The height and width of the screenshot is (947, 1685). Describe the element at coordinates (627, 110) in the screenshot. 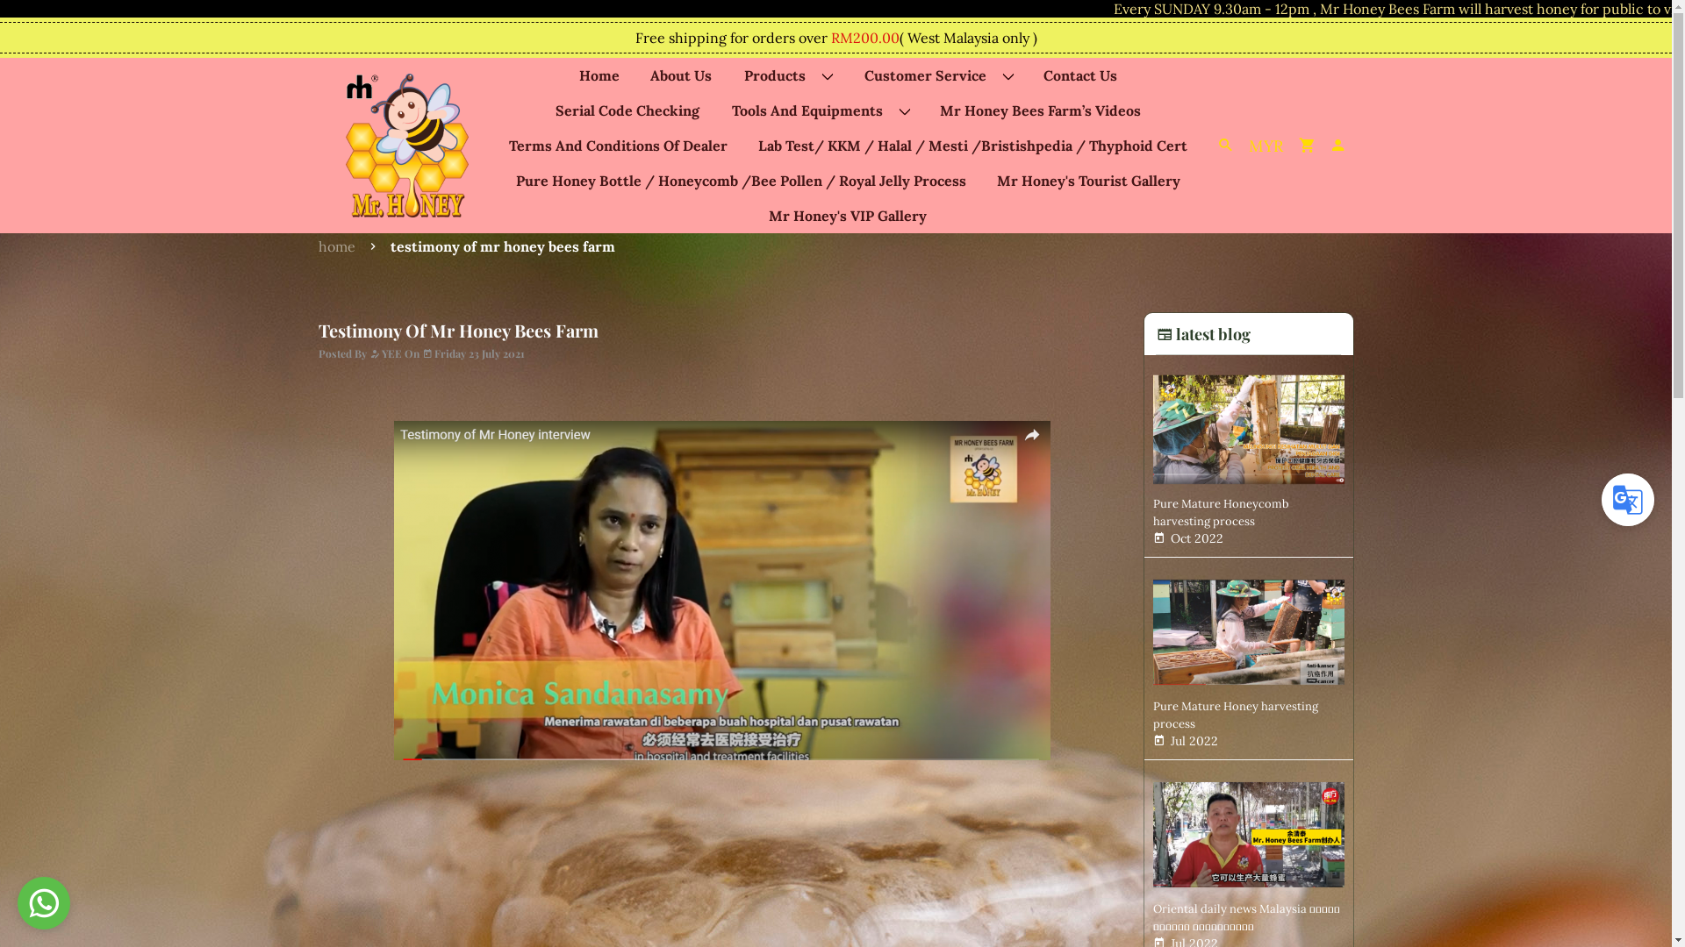

I see `'Serial Code Checking'` at that location.